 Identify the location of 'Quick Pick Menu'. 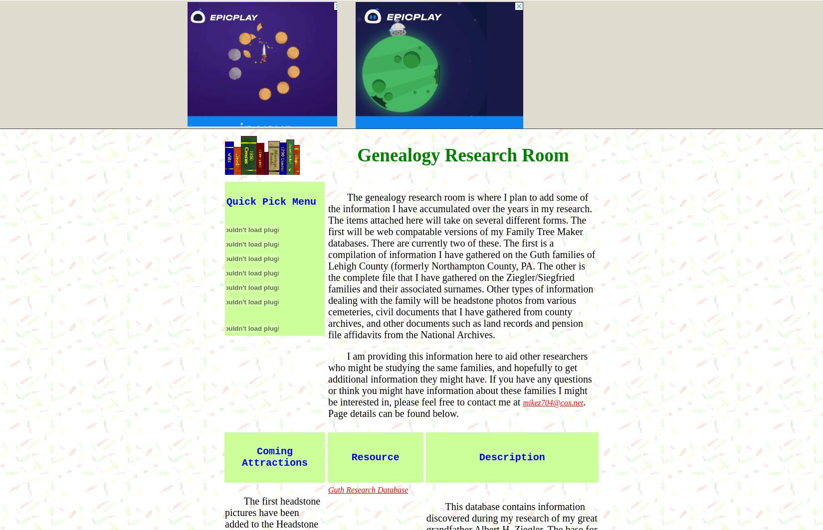
(226, 202).